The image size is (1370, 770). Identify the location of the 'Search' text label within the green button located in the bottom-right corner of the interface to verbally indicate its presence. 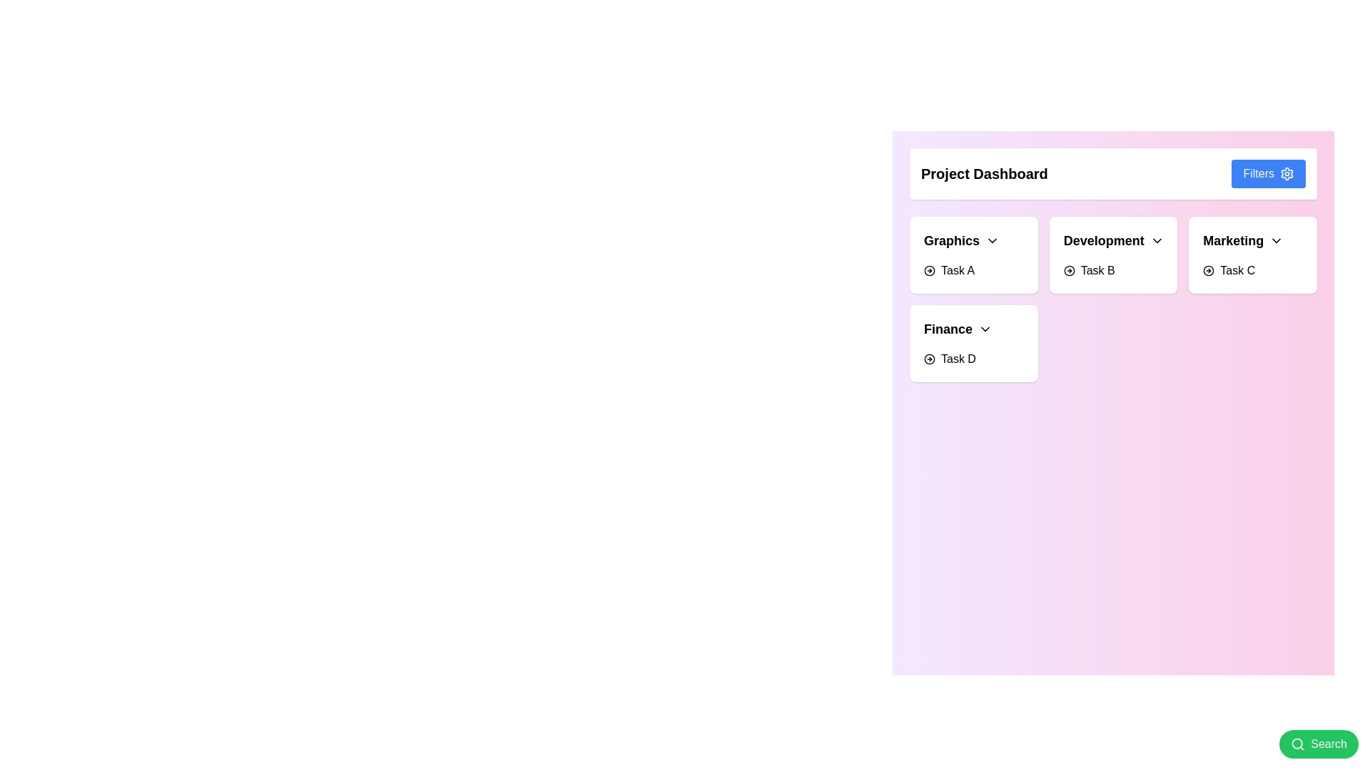
(1328, 744).